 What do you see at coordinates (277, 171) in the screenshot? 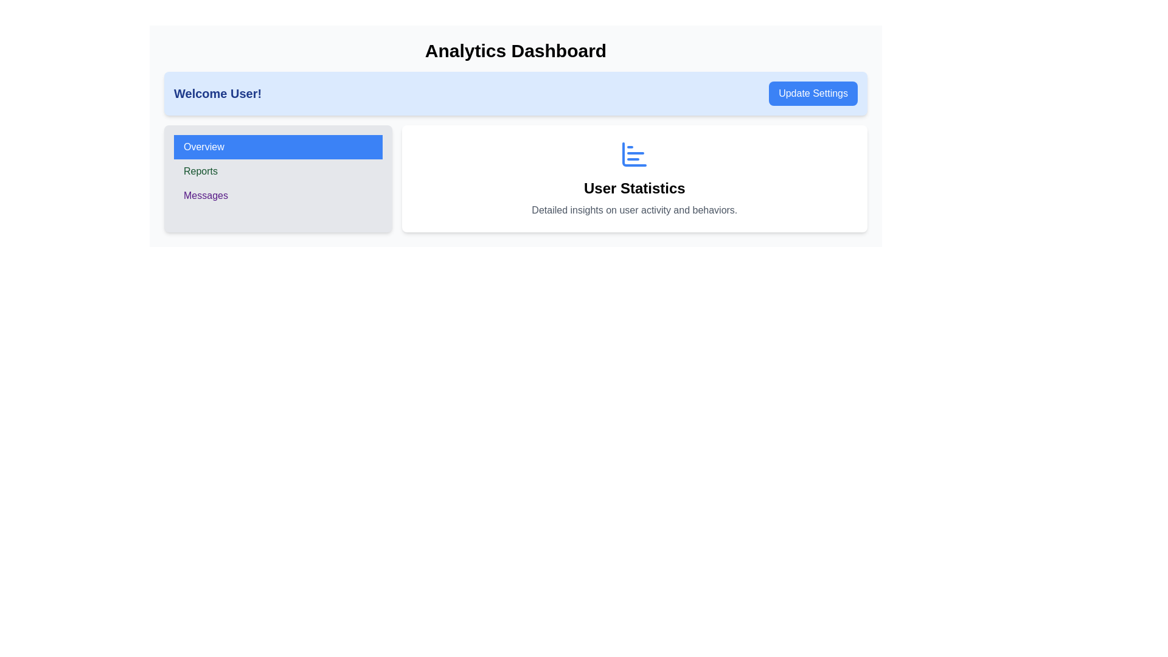
I see `the second item in the vertical menu list, which is related to 'Reports'` at bounding box center [277, 171].